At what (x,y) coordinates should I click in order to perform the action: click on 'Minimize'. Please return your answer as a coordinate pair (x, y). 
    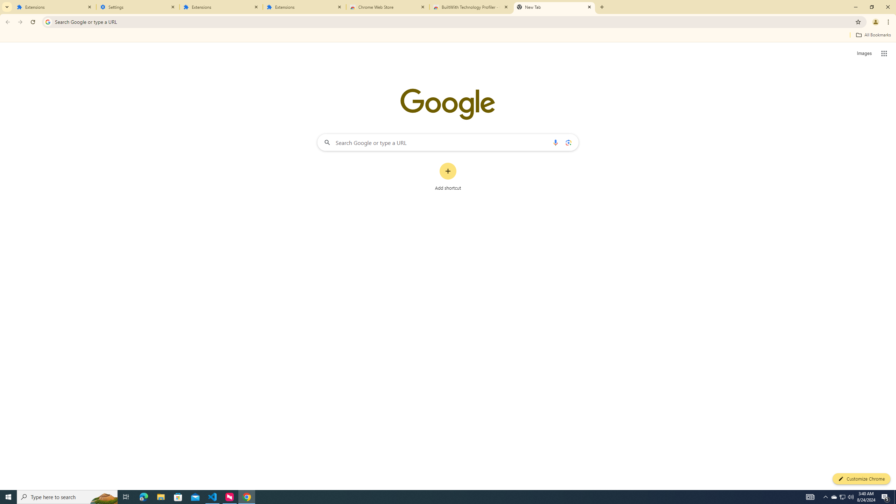
    Looking at the image, I should click on (855, 7).